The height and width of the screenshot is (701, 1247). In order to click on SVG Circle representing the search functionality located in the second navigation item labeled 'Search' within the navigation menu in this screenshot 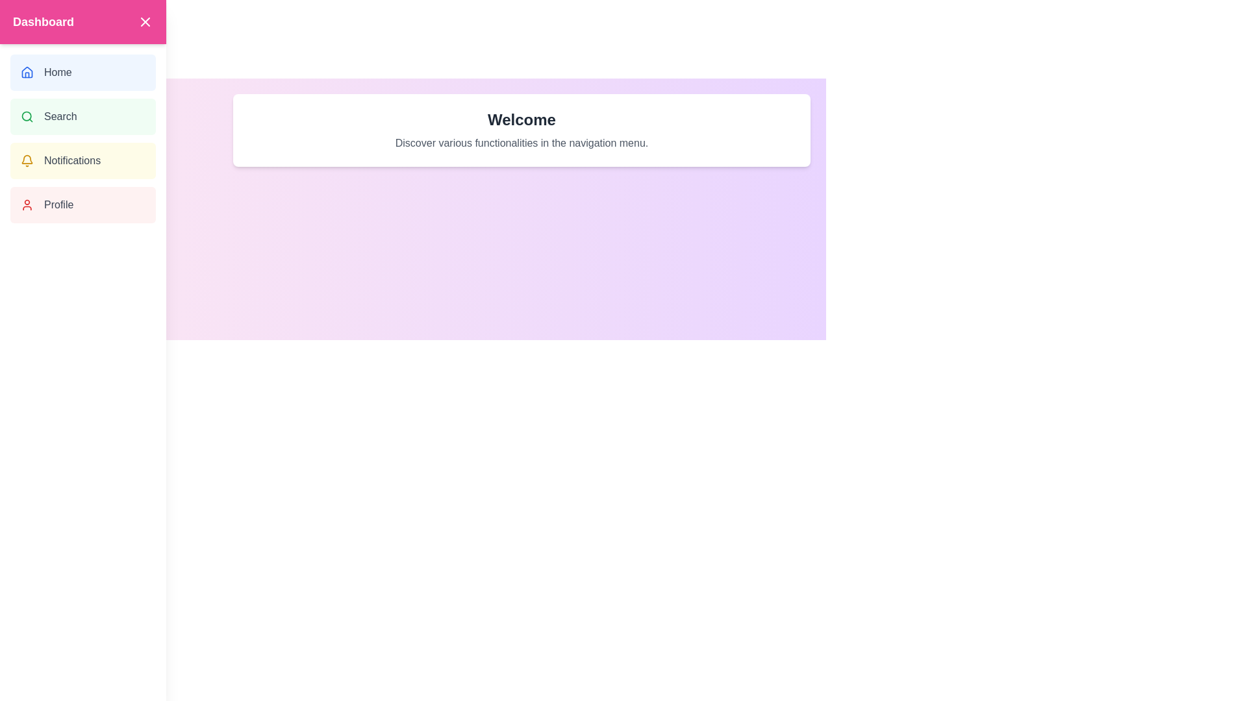, I will do `click(27, 116)`.